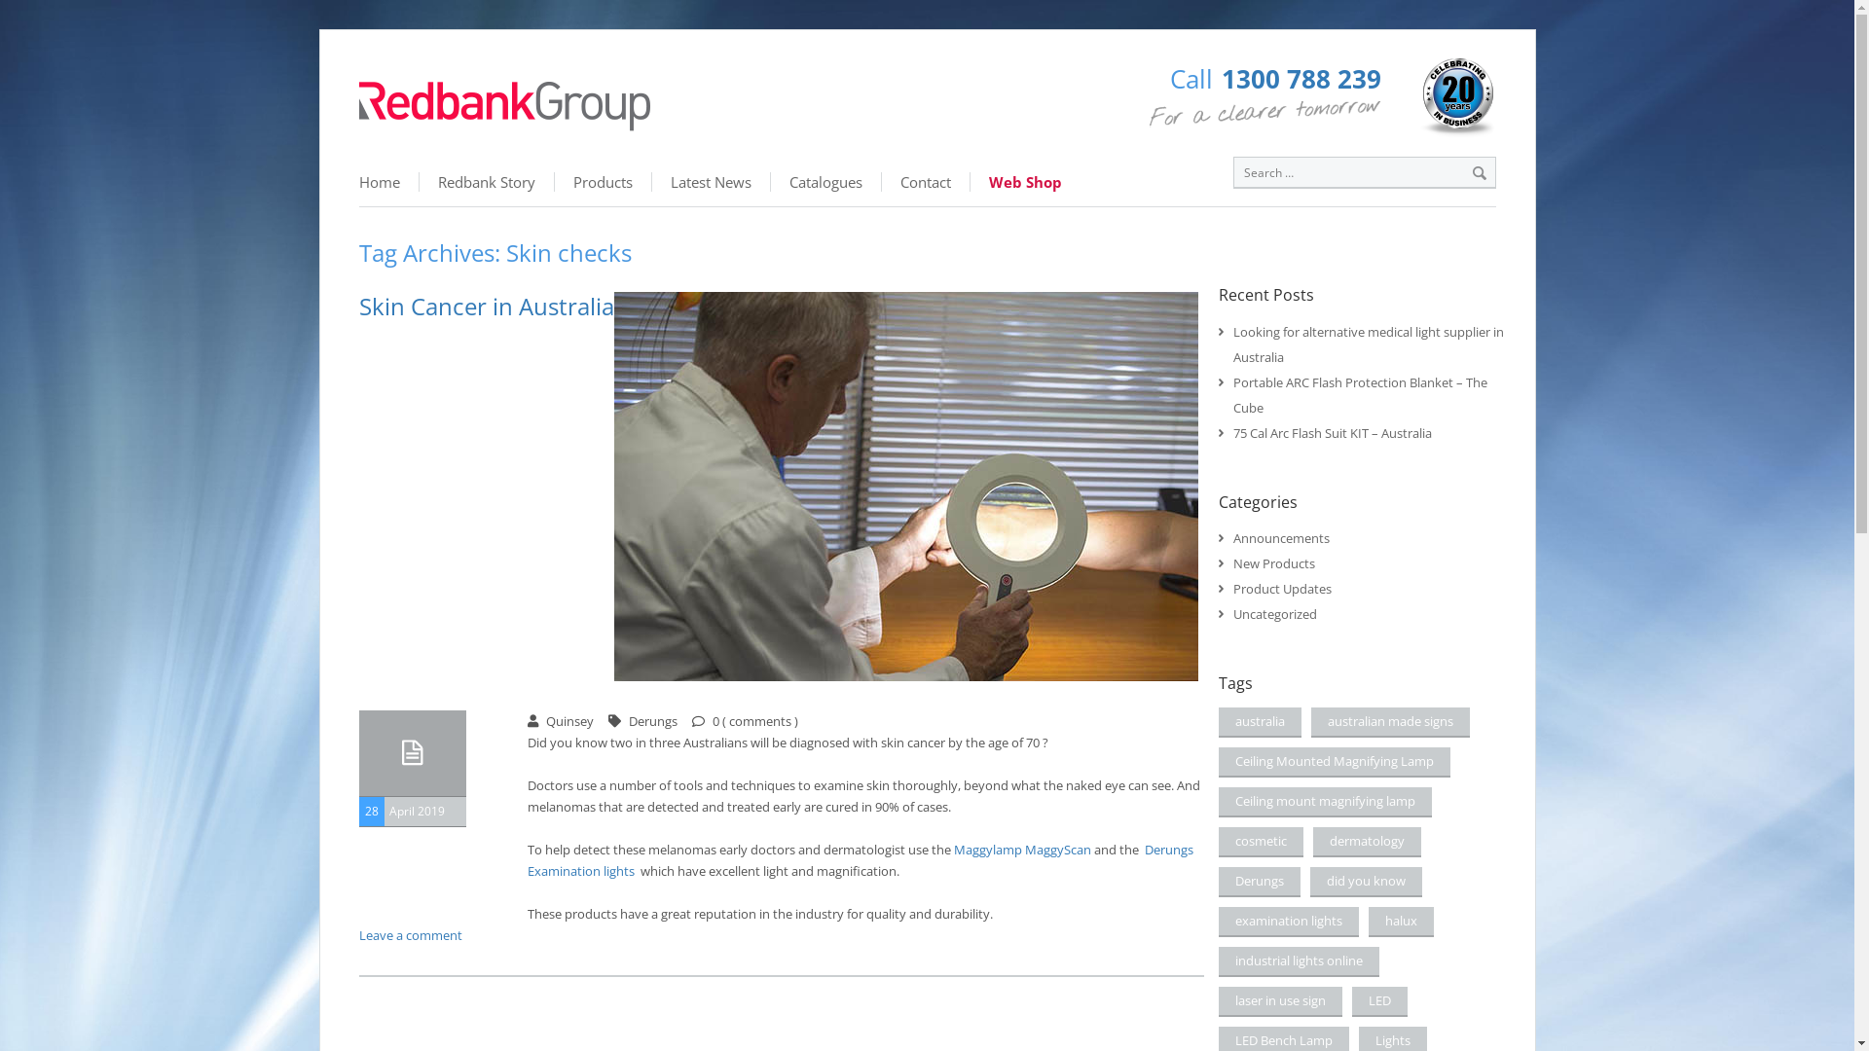 The image size is (1869, 1051). What do you see at coordinates (859, 858) in the screenshot?
I see `'Derungs Examination lights'` at bounding box center [859, 858].